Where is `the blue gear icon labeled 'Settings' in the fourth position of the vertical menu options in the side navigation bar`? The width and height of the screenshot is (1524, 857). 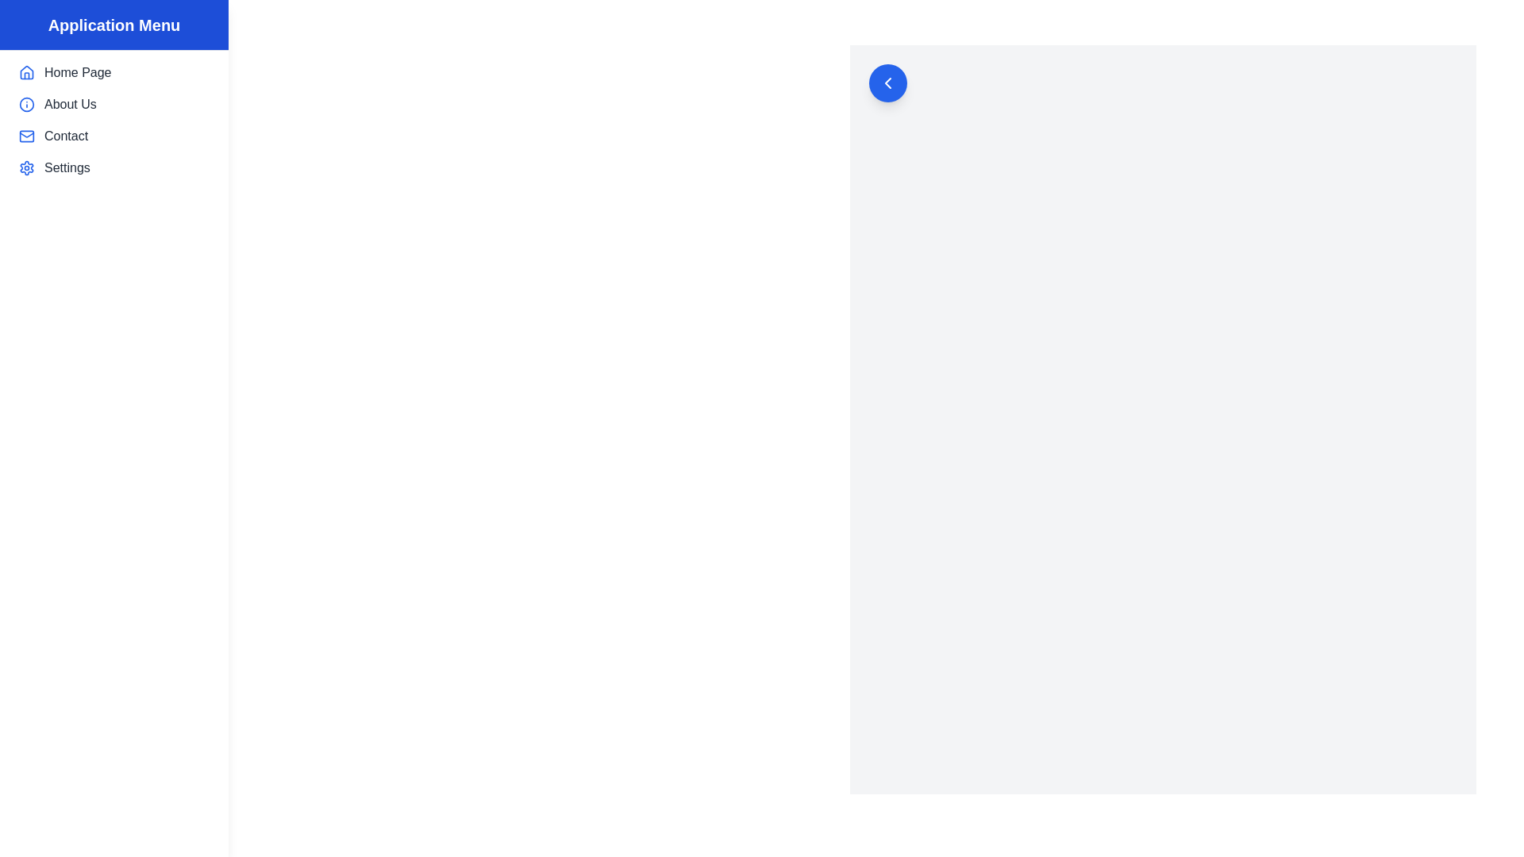 the blue gear icon labeled 'Settings' in the fourth position of the vertical menu options in the side navigation bar is located at coordinates (26, 168).